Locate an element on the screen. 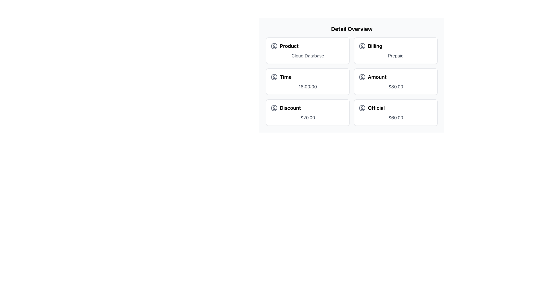 The image size is (540, 304). the user-related icon that serves as a profile representation, located in the second row of a six-item grid, aligned to the left of the 'Time' text is located at coordinates (274, 77).